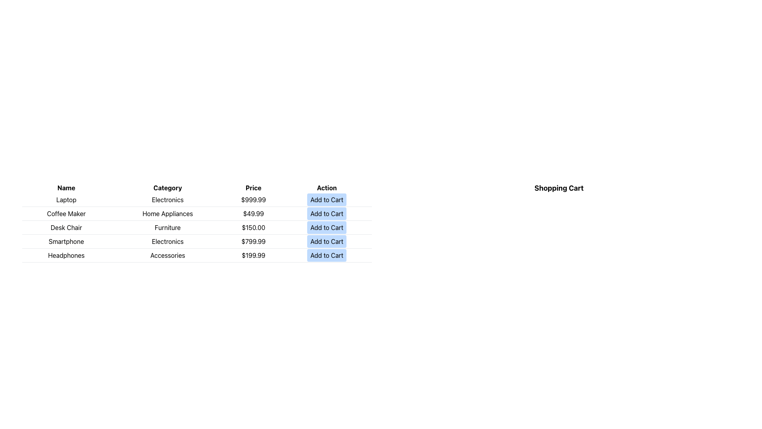  Describe the element at coordinates (253, 255) in the screenshot. I see `the text label displaying the price '$199.99' in the 'Price' column of the table, located in the fifth row, adjacent to 'Accessories' on the left and 'Add to Cart' button on the right` at that location.